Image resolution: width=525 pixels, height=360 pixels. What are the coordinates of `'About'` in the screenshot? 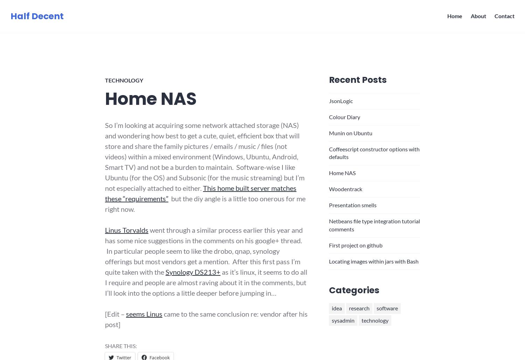 It's located at (478, 16).